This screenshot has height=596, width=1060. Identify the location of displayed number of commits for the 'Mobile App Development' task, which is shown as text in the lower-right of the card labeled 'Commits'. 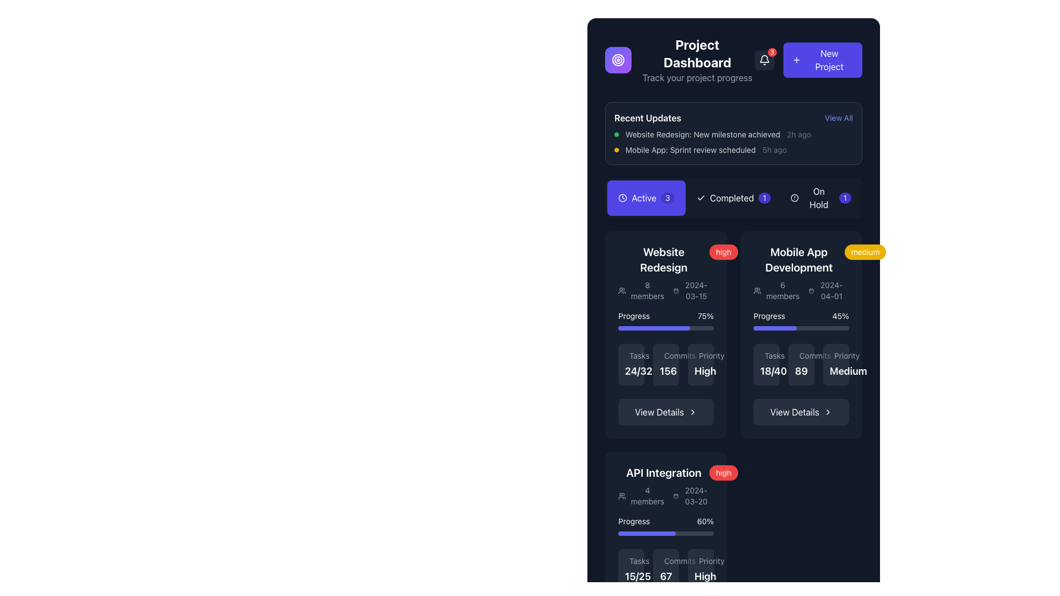
(801, 371).